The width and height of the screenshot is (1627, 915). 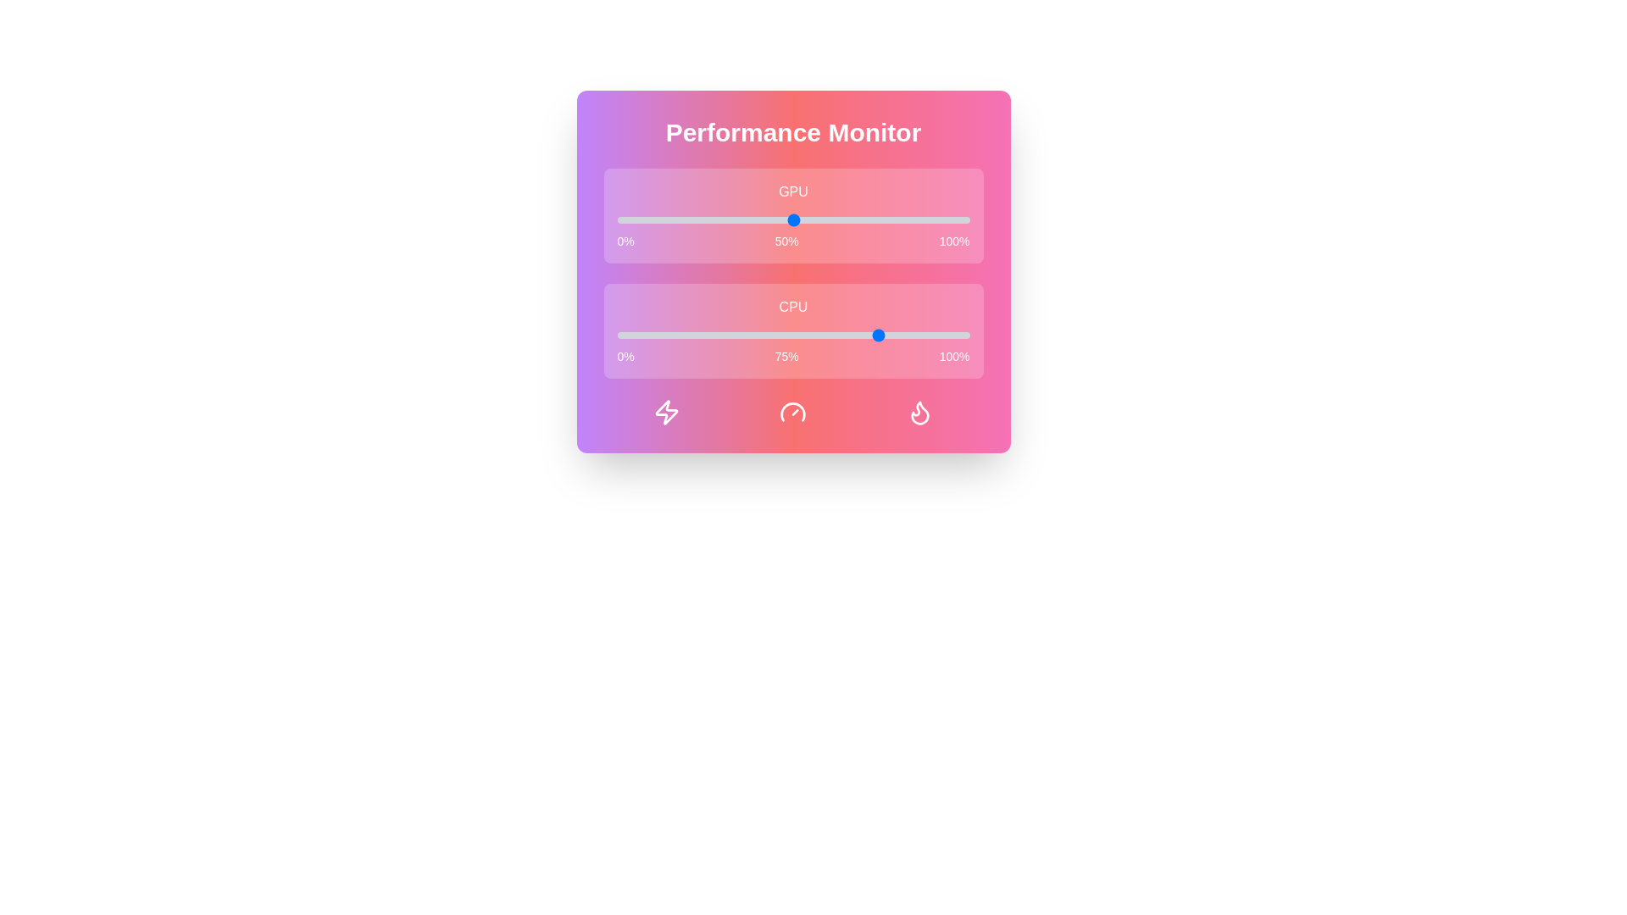 I want to click on the CPU performance slider to 76%, so click(x=884, y=335).